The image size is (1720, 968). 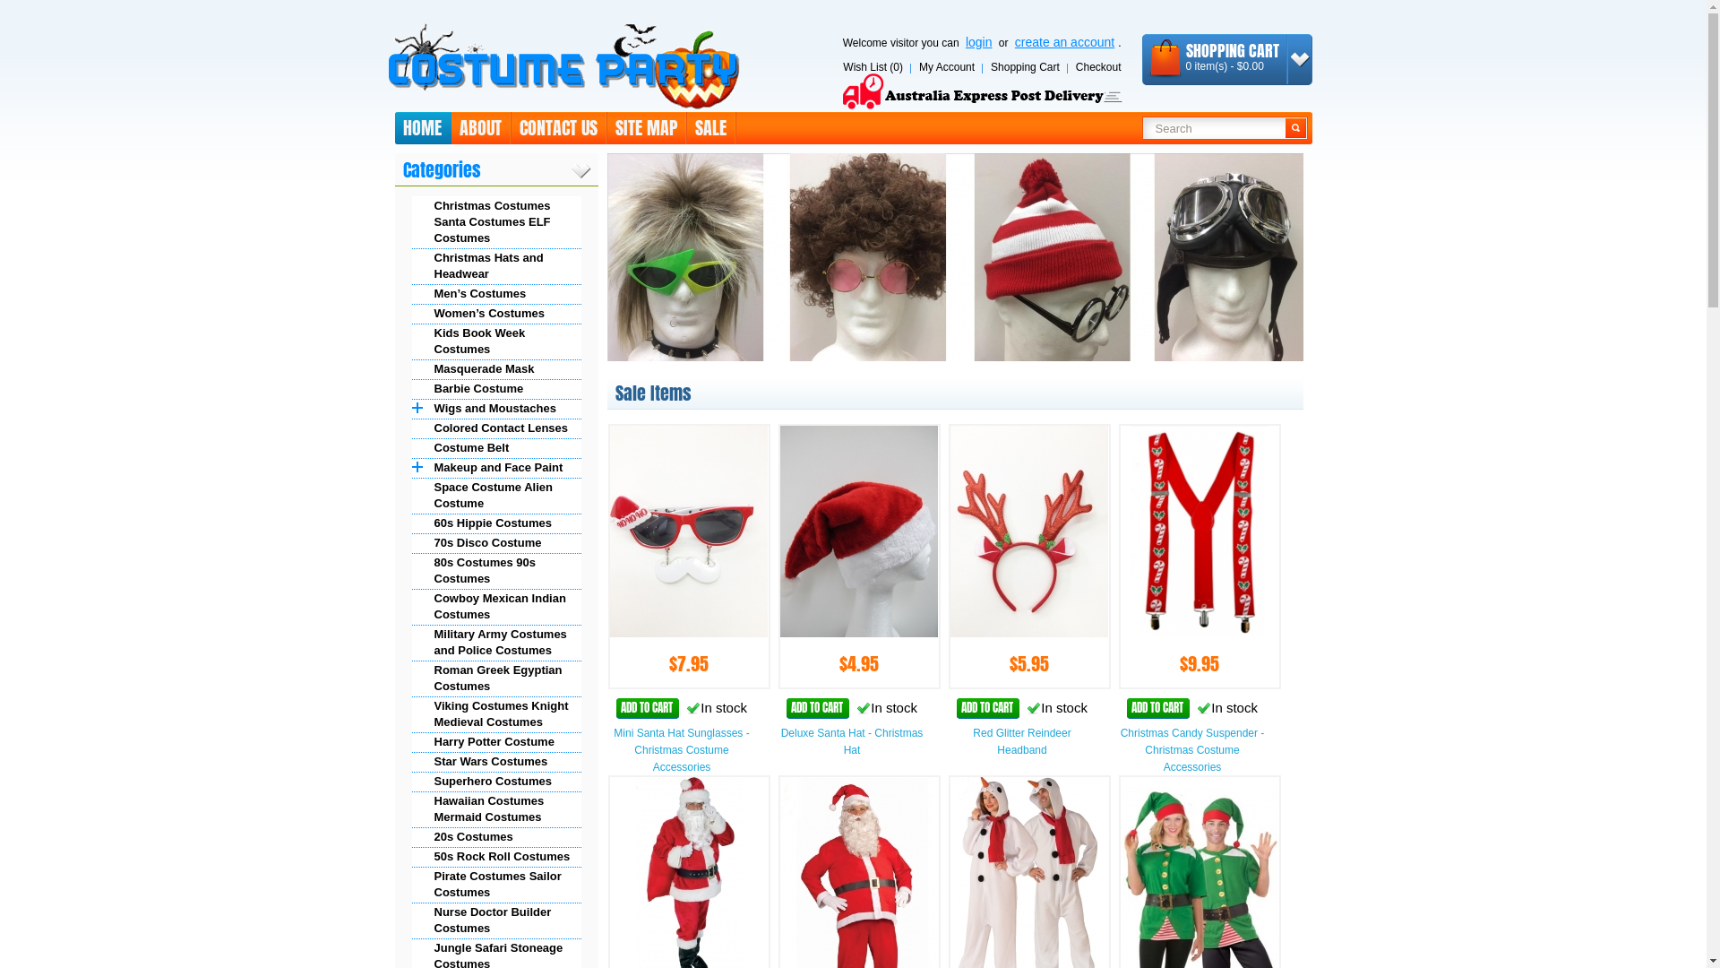 What do you see at coordinates (496, 368) in the screenshot?
I see `'Masquerade Mask'` at bounding box center [496, 368].